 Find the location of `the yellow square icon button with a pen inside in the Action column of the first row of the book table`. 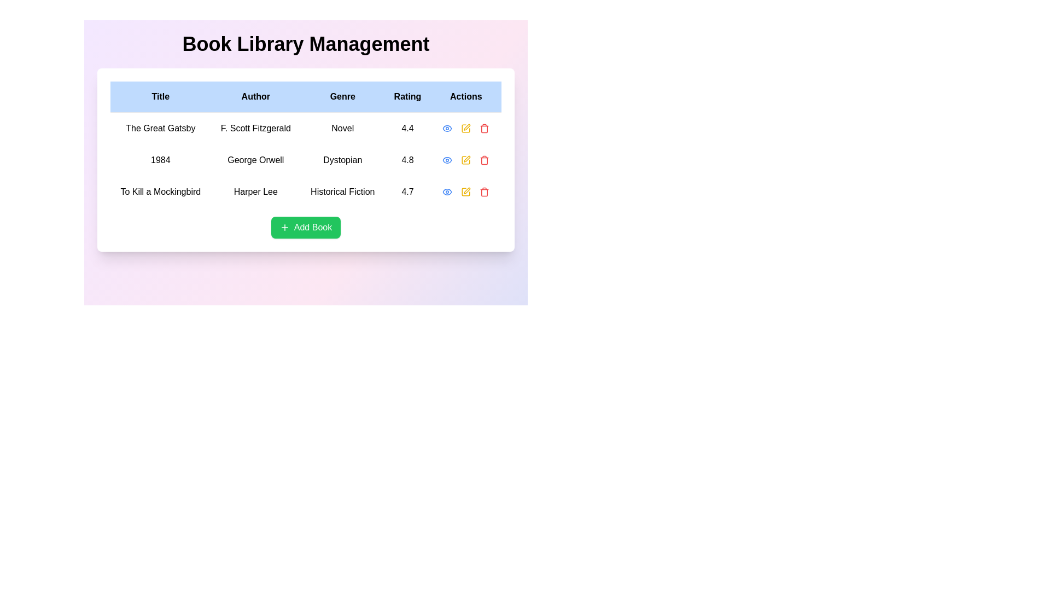

the yellow square icon button with a pen inside in the Action column of the first row of the book table is located at coordinates (466, 128).